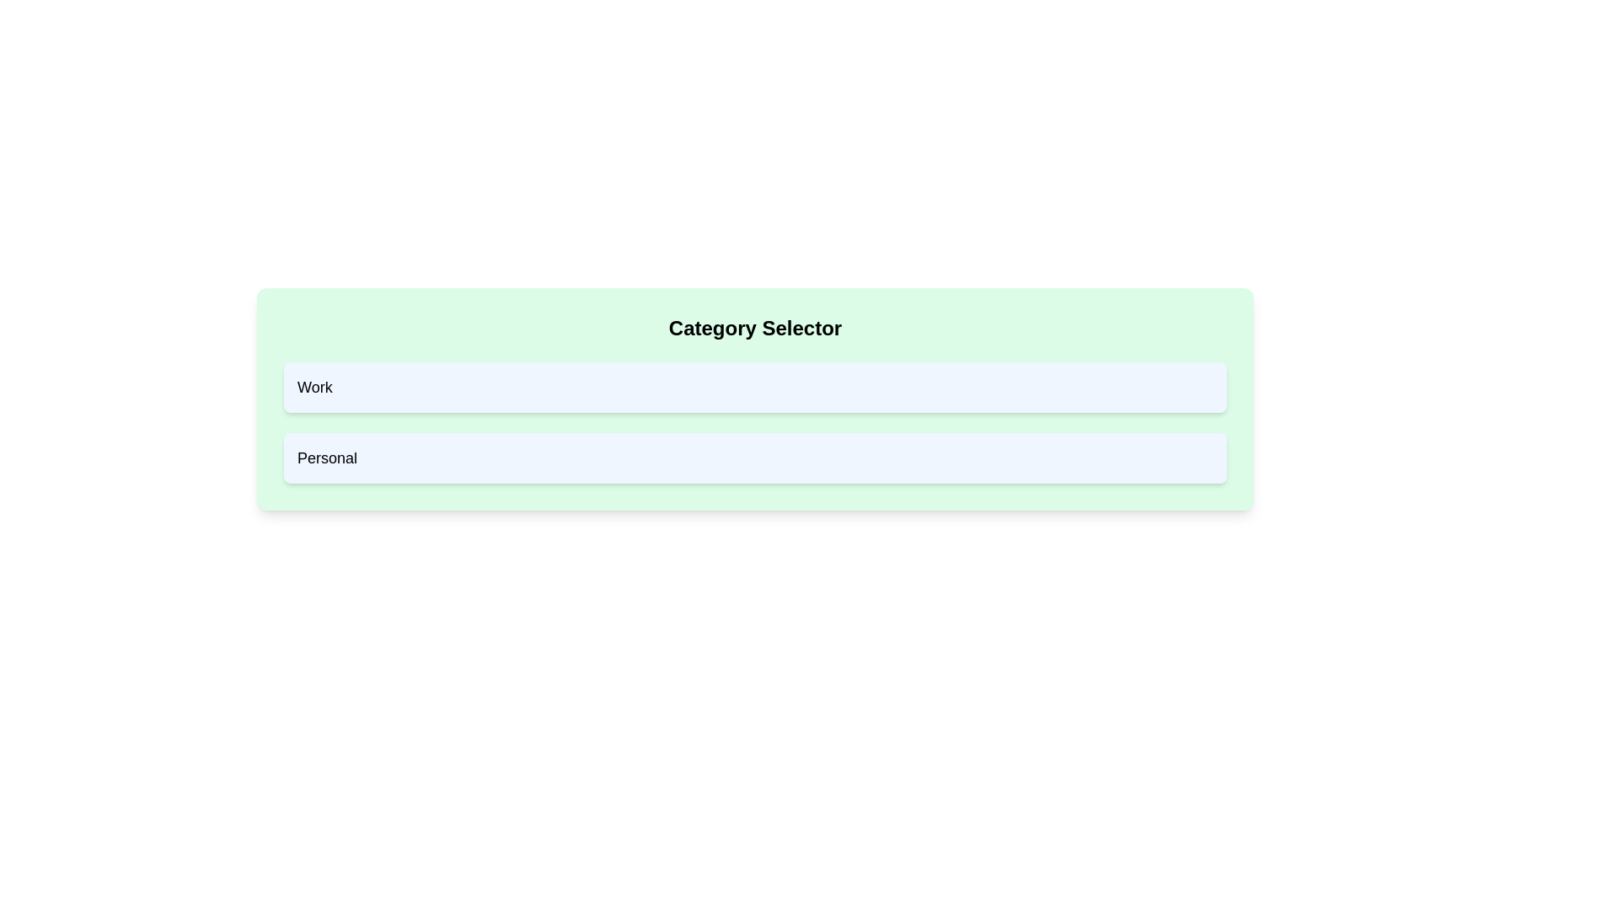  I want to click on the category Personal, so click(754, 458).